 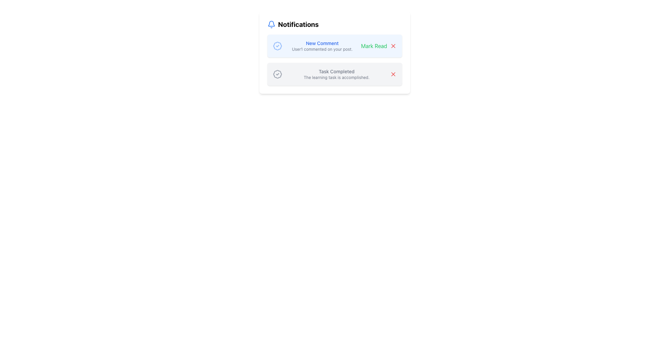 I want to click on the Text Label that identifies the notifications or messages section, located to the immediate right of the bell icon in the top section of the interface, so click(x=298, y=24).